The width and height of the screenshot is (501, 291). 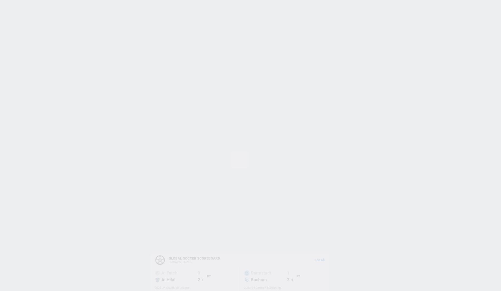 I want to click on 'Darmstadt', so click(x=261, y=273).